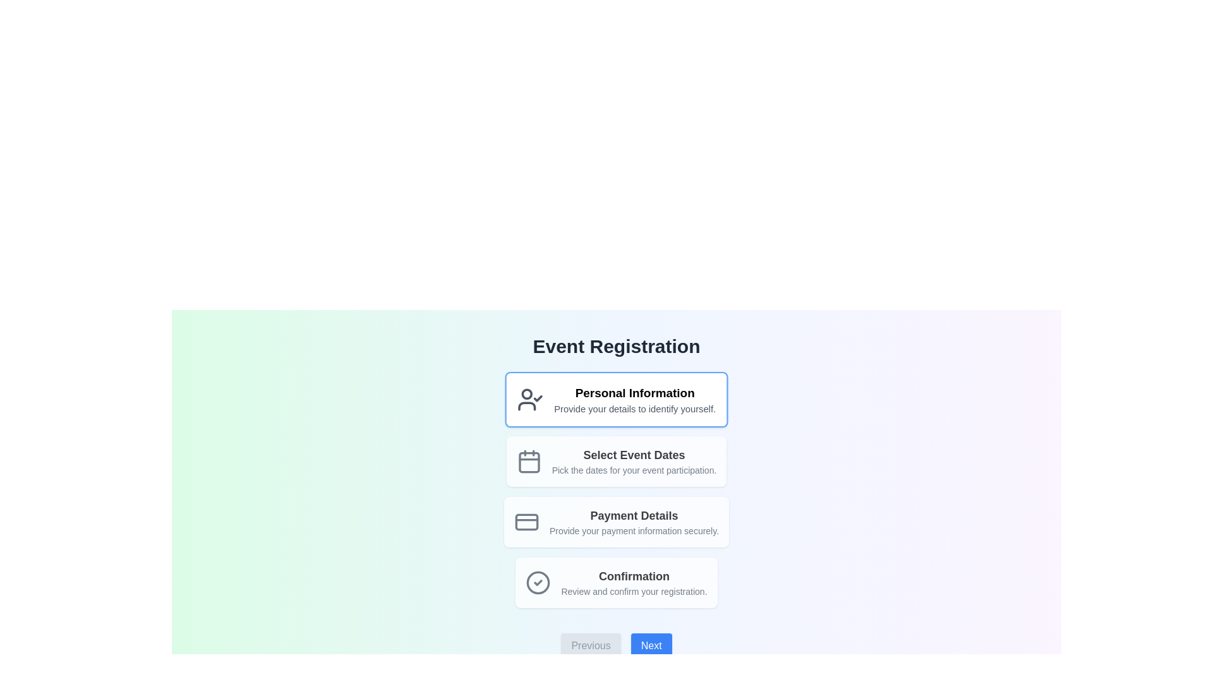  I want to click on the 'Personal Information' header element, which features bold black title text and a gray subtitle, located at the top of the vertical list of options under 'Event Registration.', so click(635, 399).